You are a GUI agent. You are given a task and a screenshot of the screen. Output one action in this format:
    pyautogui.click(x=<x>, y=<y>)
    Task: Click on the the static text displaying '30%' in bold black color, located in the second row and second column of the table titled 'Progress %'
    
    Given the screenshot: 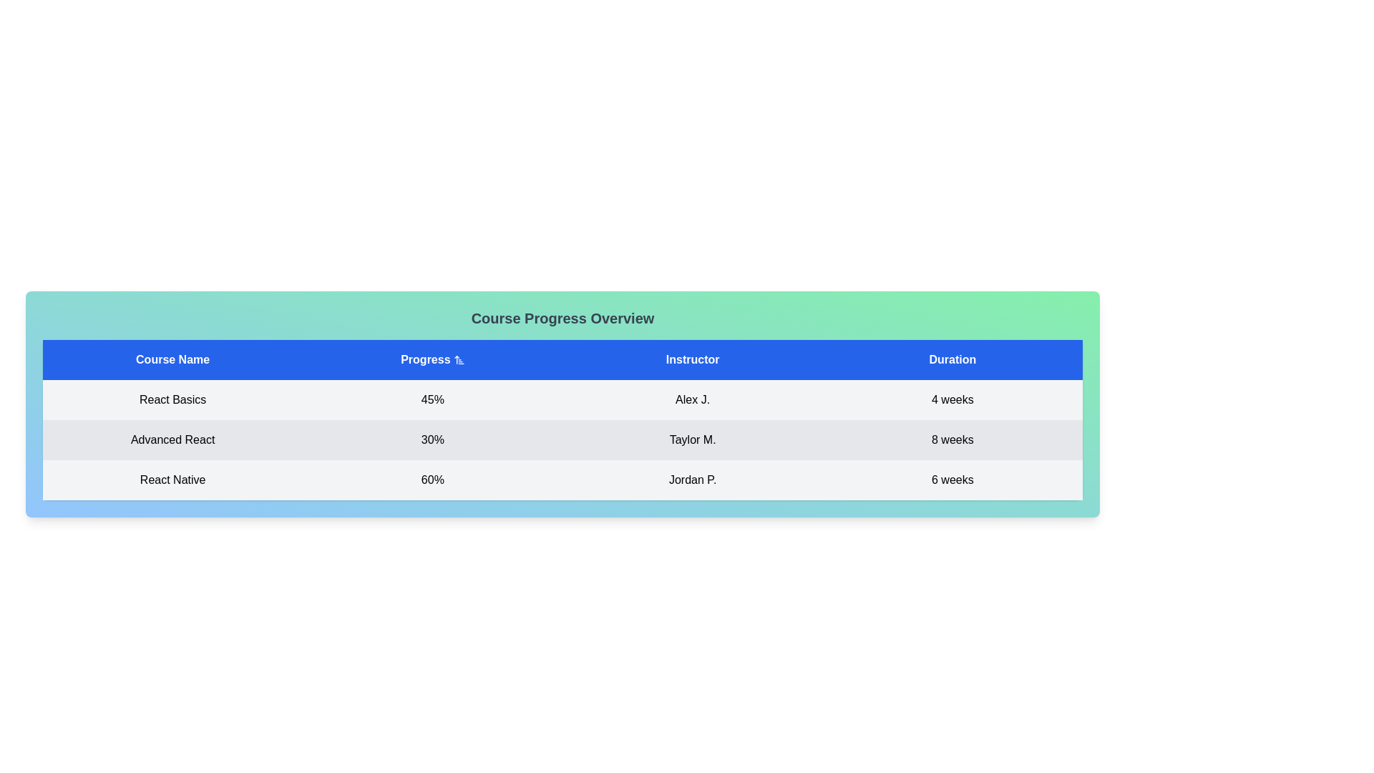 What is the action you would take?
    pyautogui.click(x=432, y=439)
    